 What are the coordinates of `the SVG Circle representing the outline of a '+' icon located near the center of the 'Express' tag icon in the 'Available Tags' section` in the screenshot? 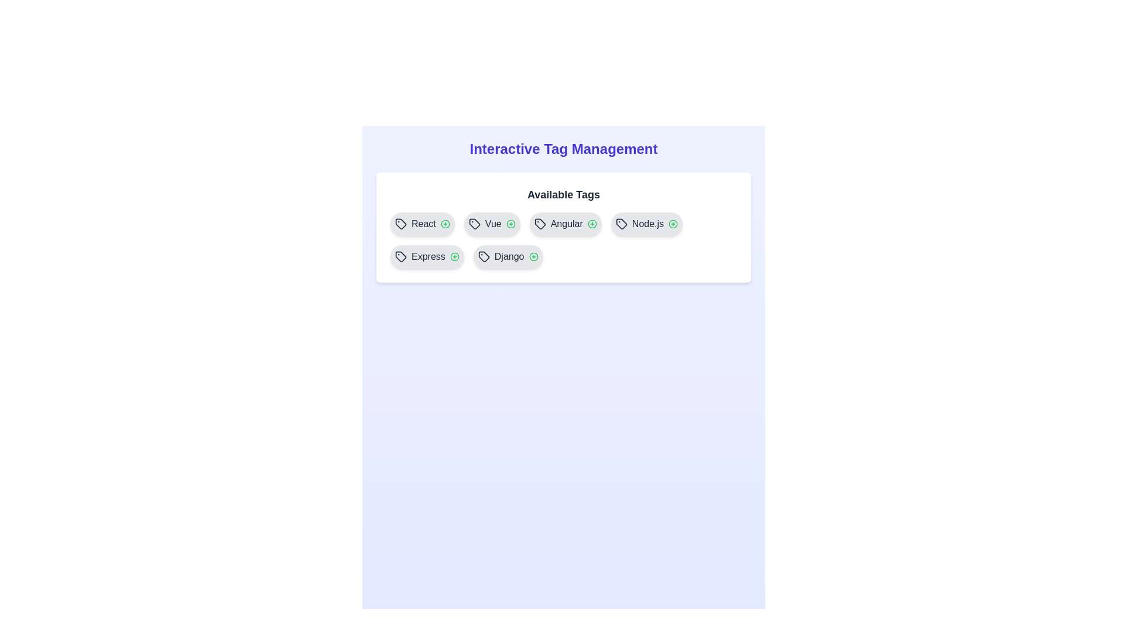 It's located at (454, 256).